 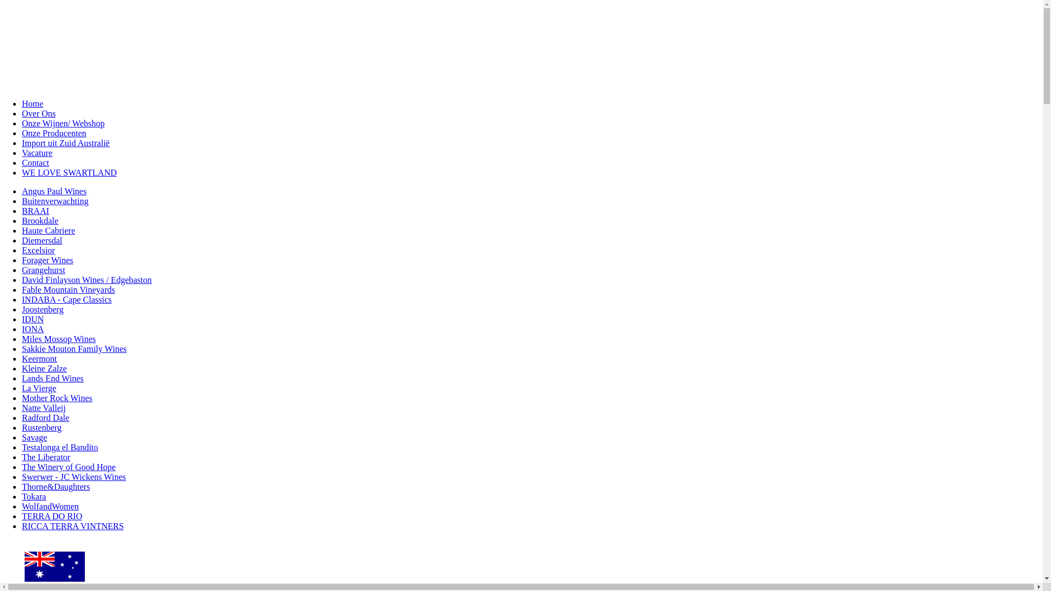 What do you see at coordinates (39, 387) in the screenshot?
I see `'La Vierge'` at bounding box center [39, 387].